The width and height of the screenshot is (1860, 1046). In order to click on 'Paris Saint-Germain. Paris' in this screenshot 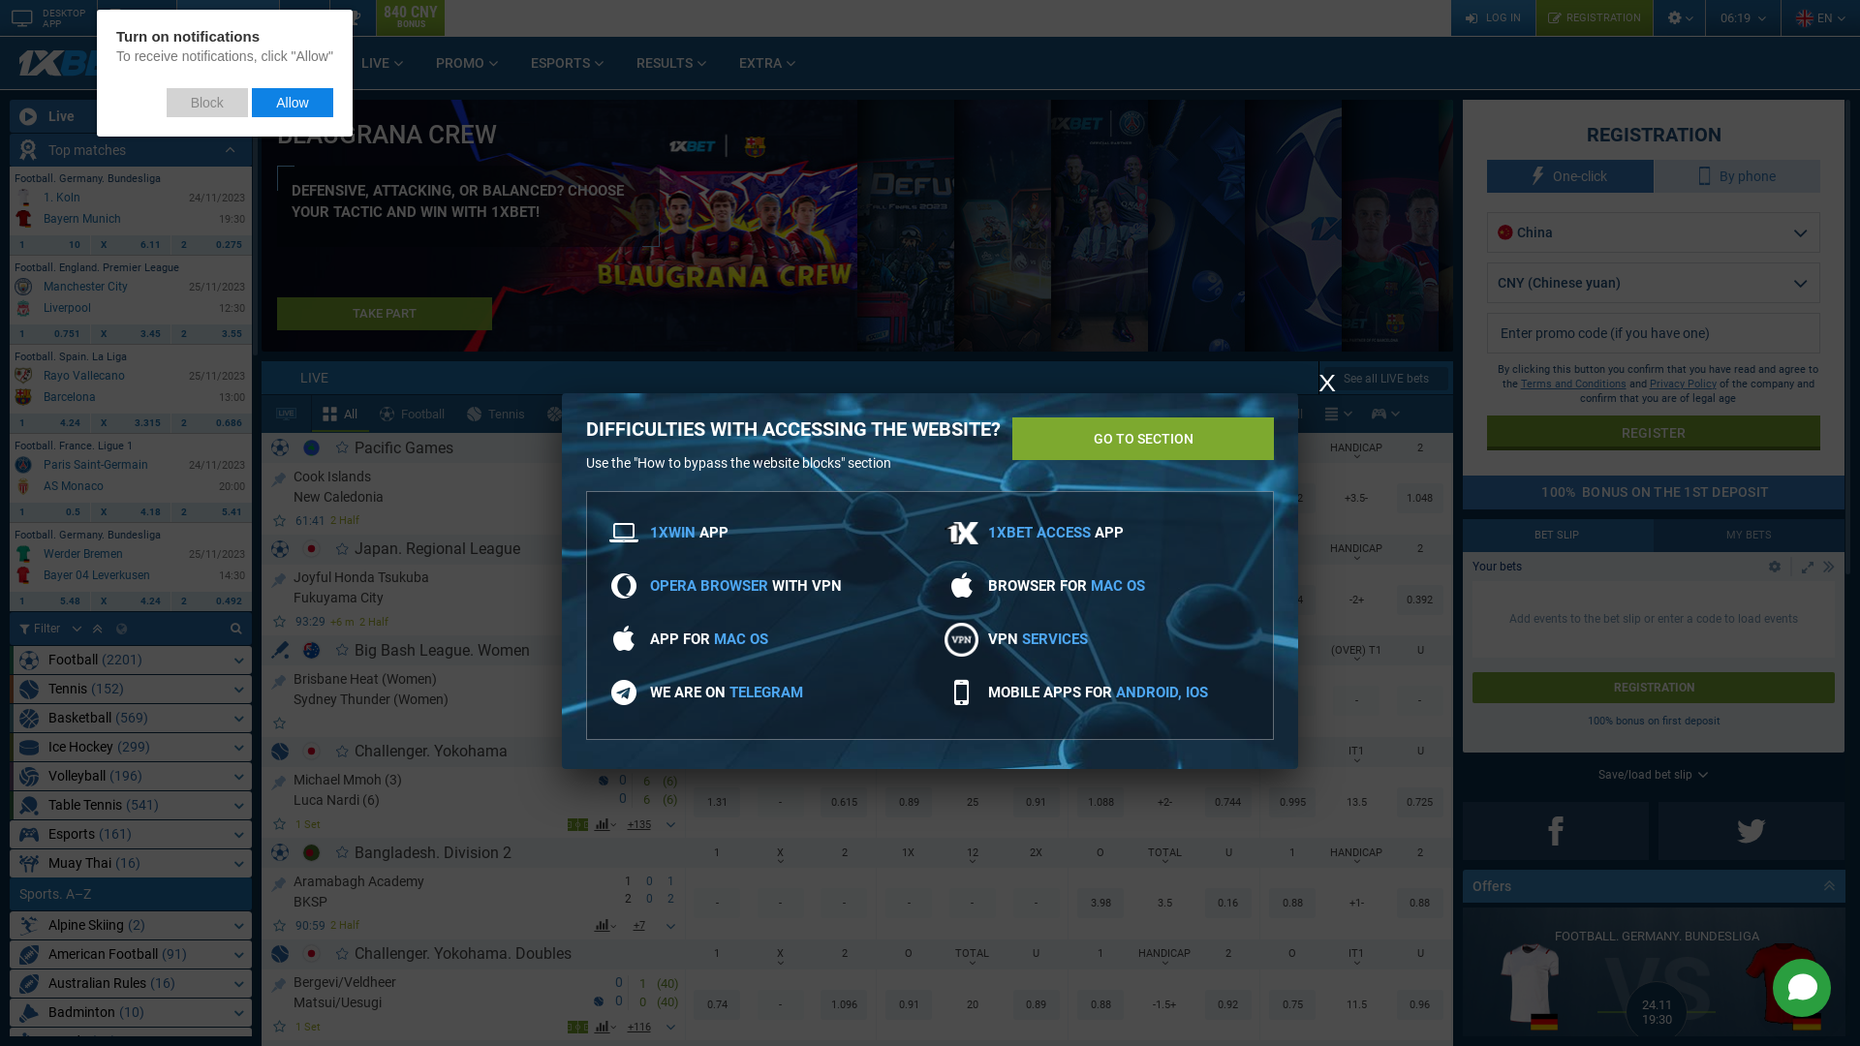, I will do `click(23, 464)`.